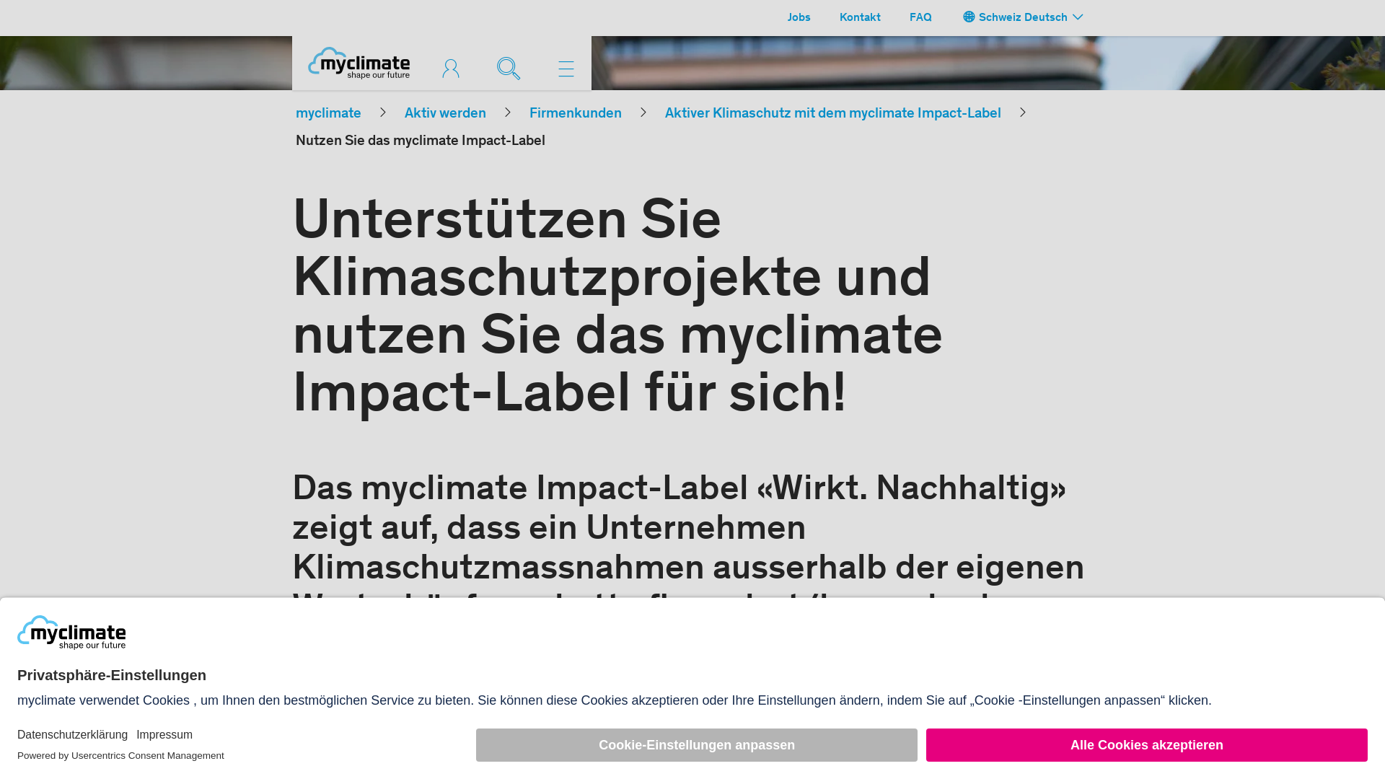 The height and width of the screenshot is (779, 1385). I want to click on 'Jobs', so click(779, 17).